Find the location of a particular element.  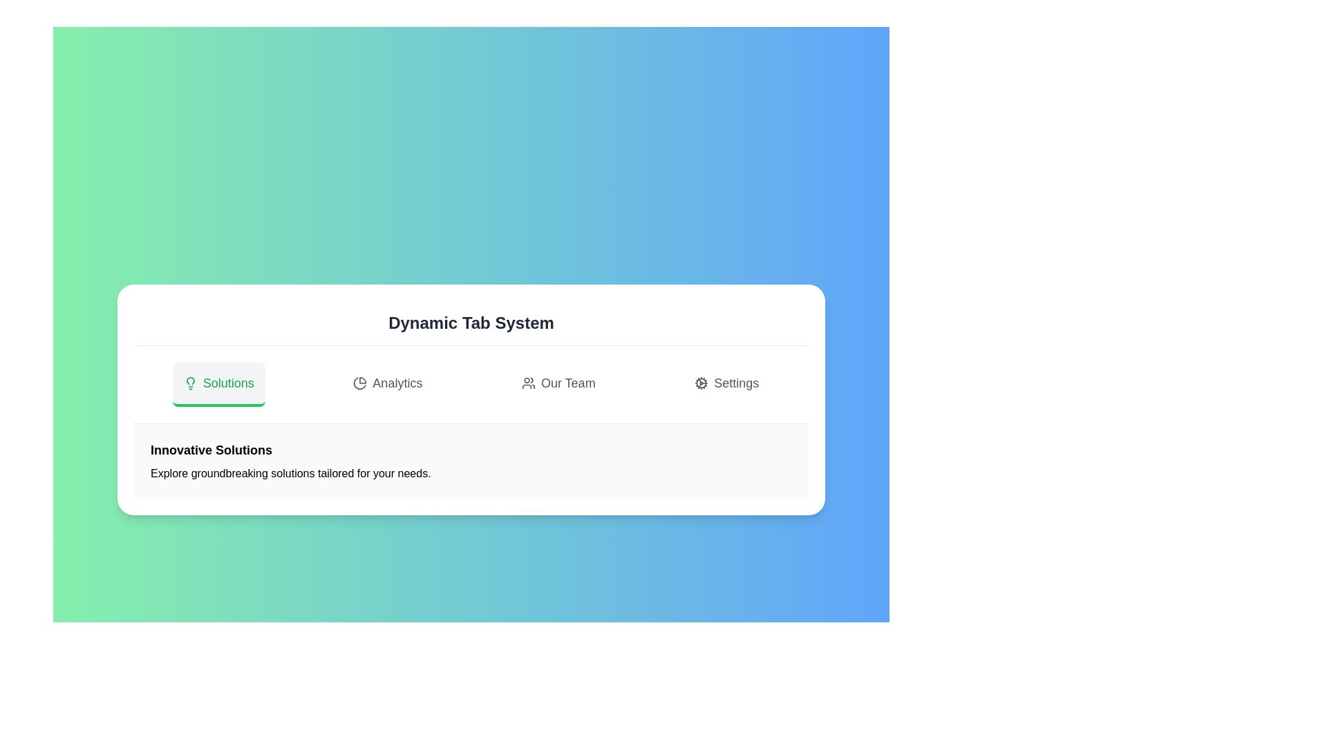

the text block displaying the title 'Dynamic Tab System', which is centered horizontally at the top of the white card area is located at coordinates (471, 323).